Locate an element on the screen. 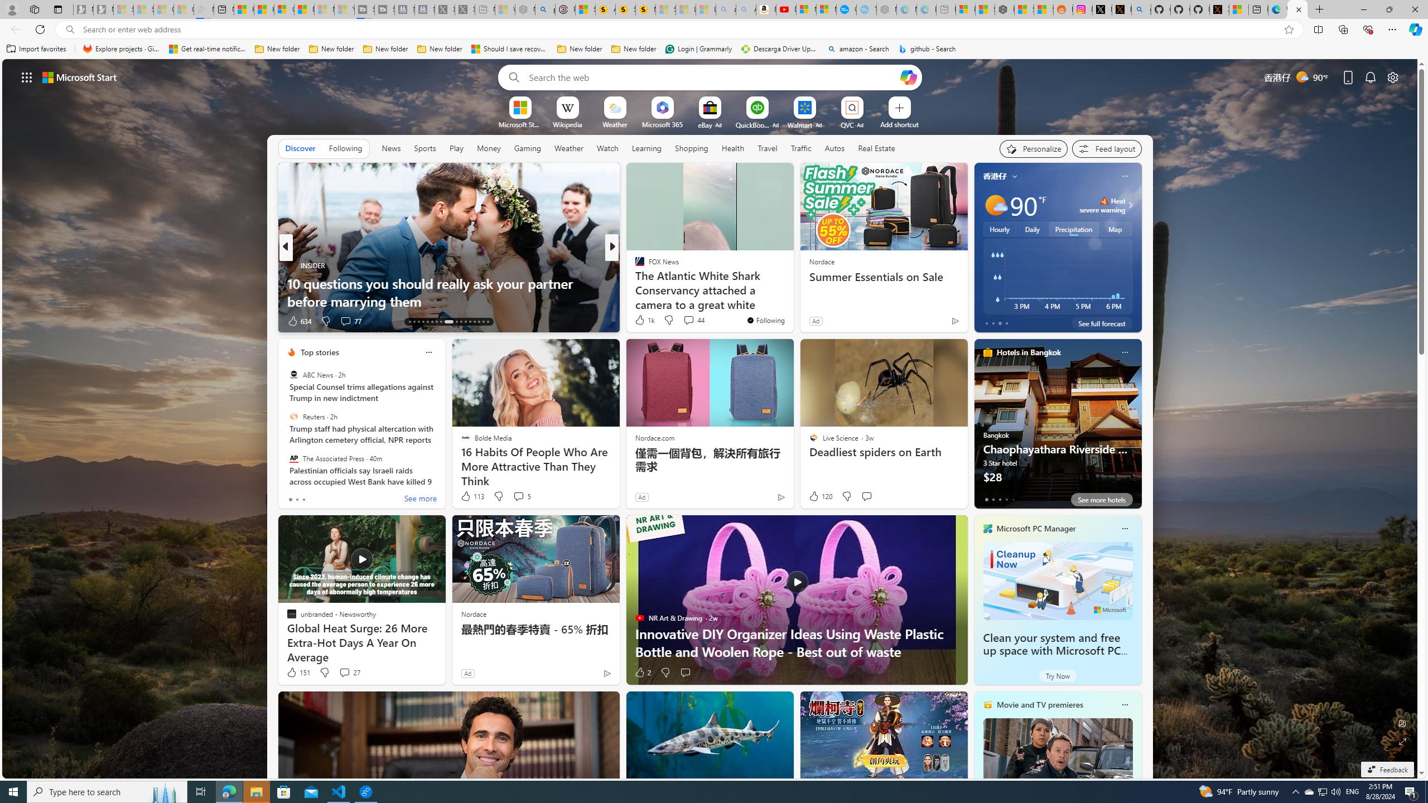 This screenshot has width=1428, height=803. 'Top stories' is located at coordinates (319, 352).